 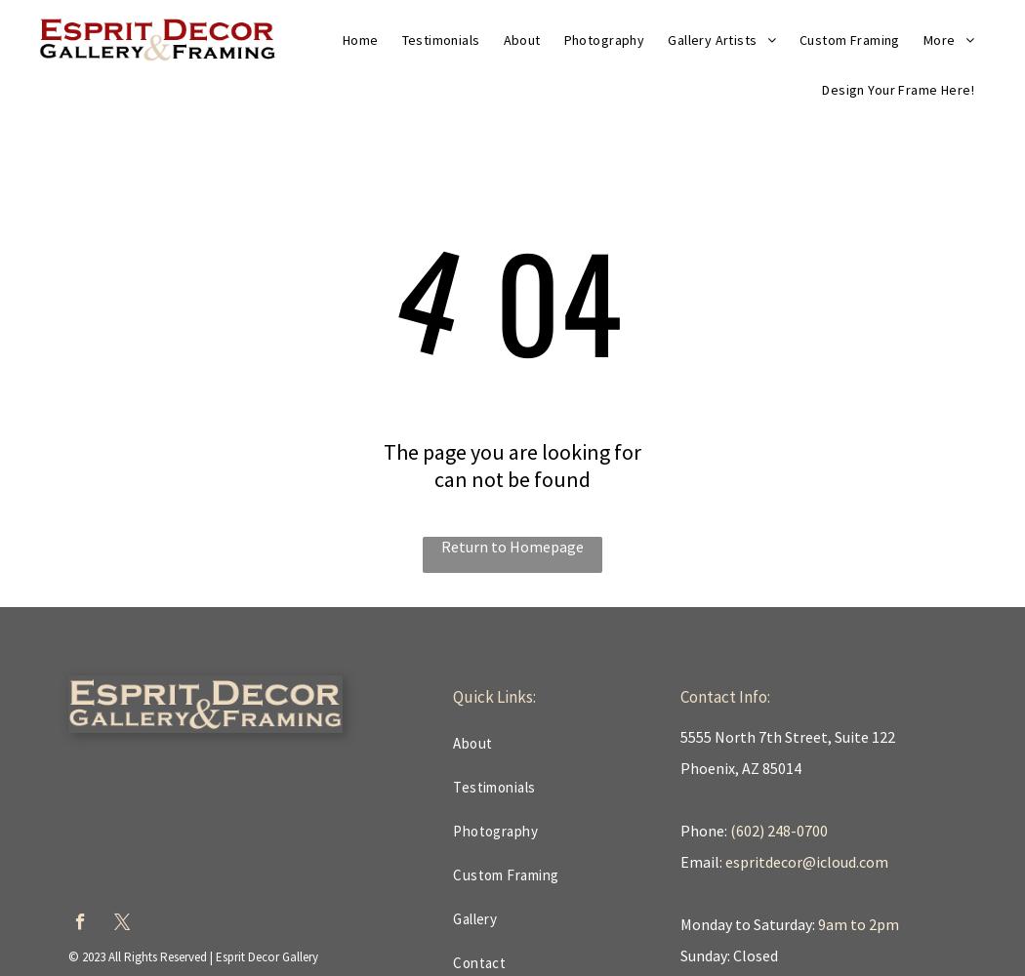 What do you see at coordinates (747, 923) in the screenshot?
I see `'Monday to Saturday:'` at bounding box center [747, 923].